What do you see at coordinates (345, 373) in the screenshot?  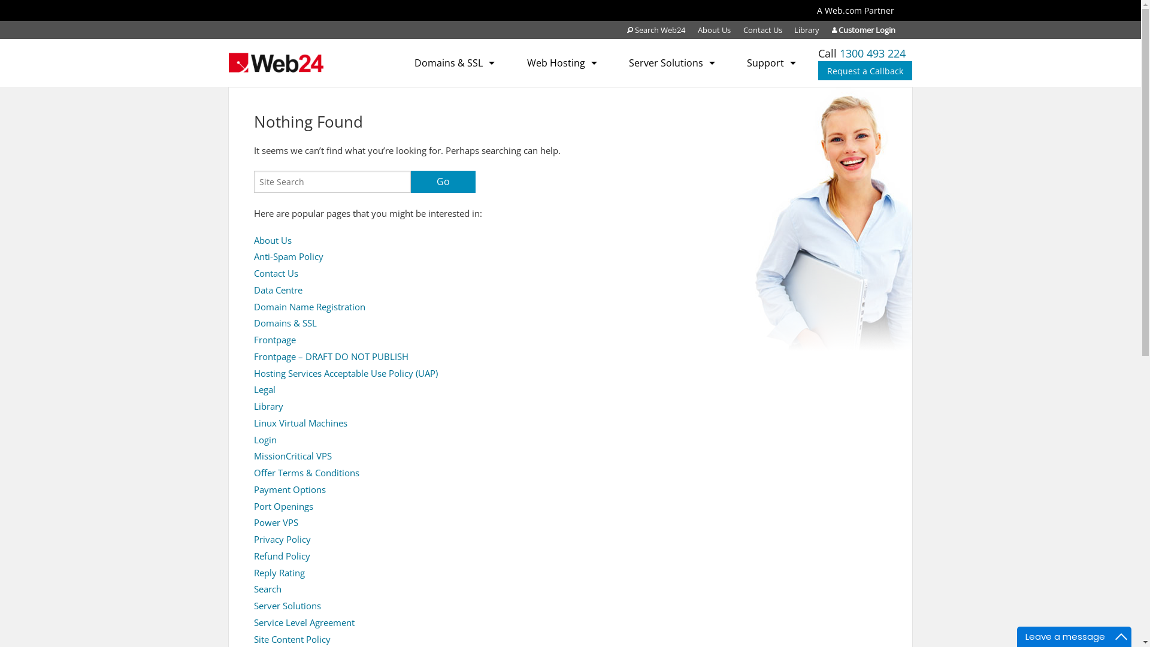 I see `'Hosting Services Acceptable Use Policy (UAP)'` at bounding box center [345, 373].